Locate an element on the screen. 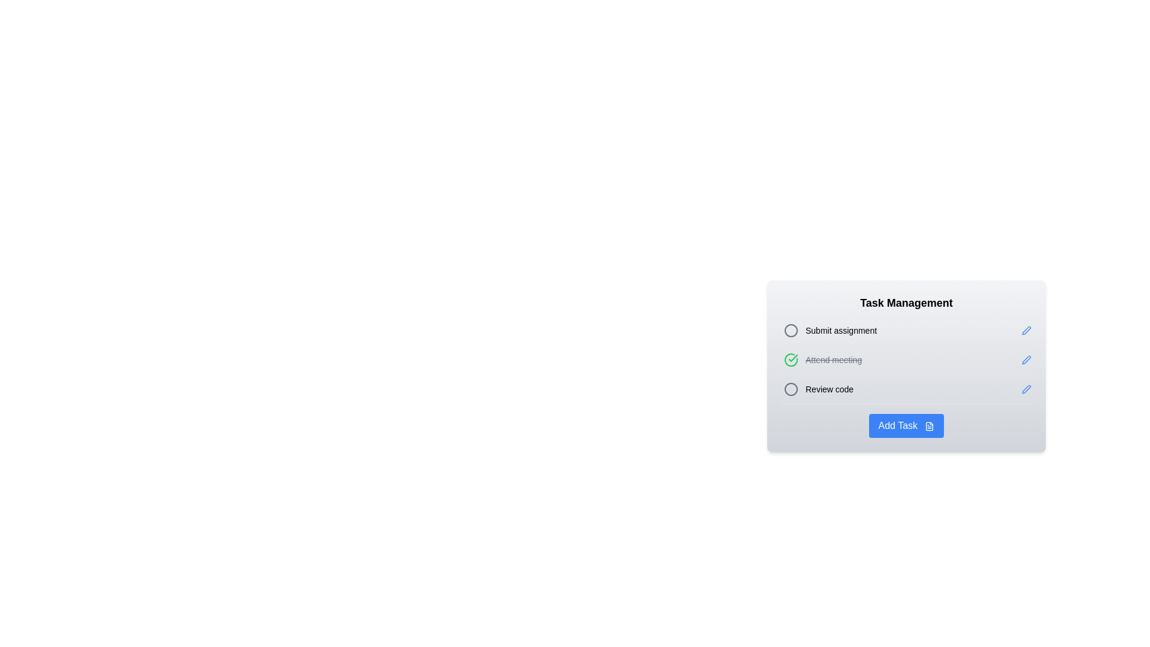 The height and width of the screenshot is (647, 1150). the circular checkbox with a green stroke and a checkmark inside, which indicates completion or success, located under the 'Task Management' header is located at coordinates (791, 359).